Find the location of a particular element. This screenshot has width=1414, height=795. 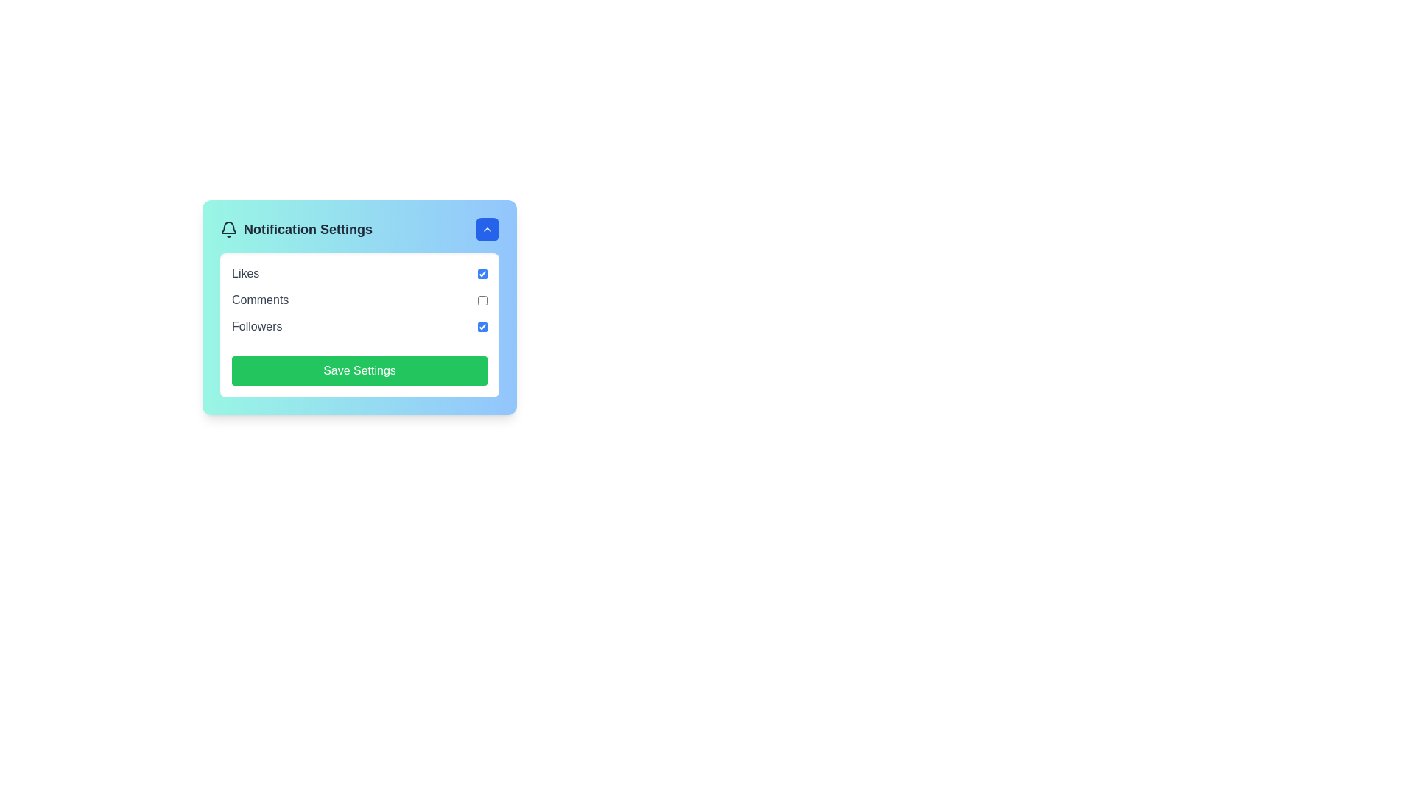

label displaying the text 'Comments' which is bold and capitalized, located to the left of a checkbox in the notification settings panel is located at coordinates (260, 300).